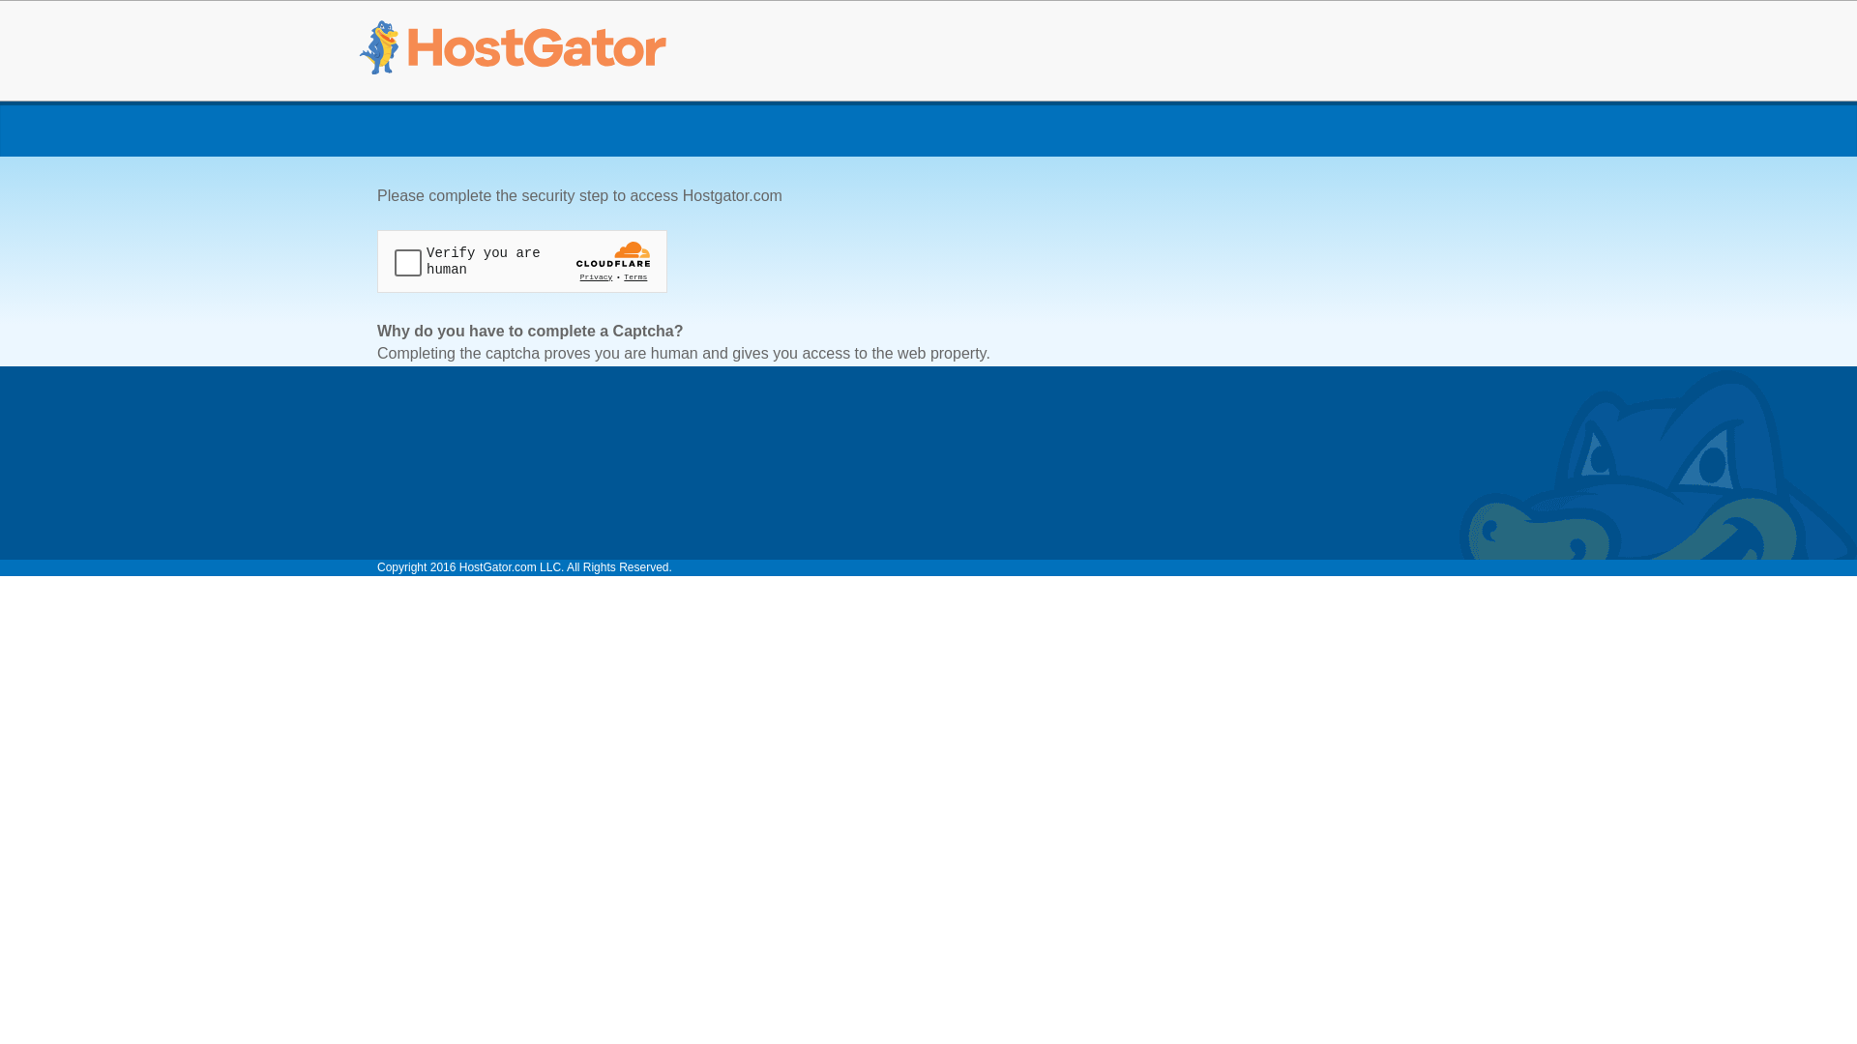  I want to click on 'Widget containing a Cloudflare security challenge', so click(521, 261).